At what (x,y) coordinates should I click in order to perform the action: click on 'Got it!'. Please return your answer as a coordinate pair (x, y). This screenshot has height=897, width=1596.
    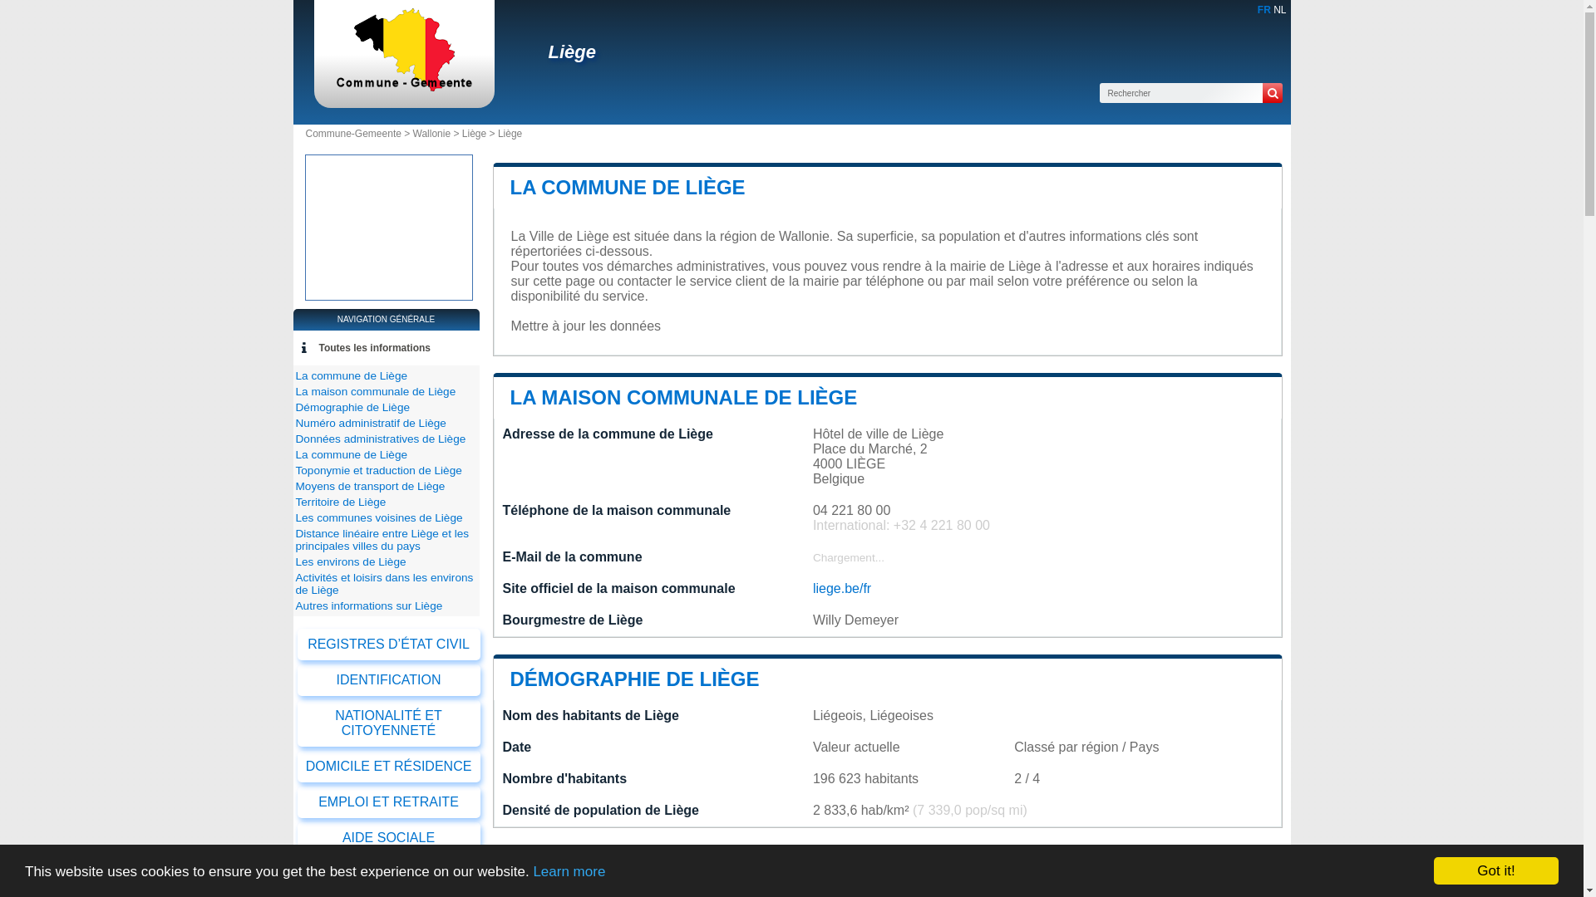
    Looking at the image, I should click on (1496, 870).